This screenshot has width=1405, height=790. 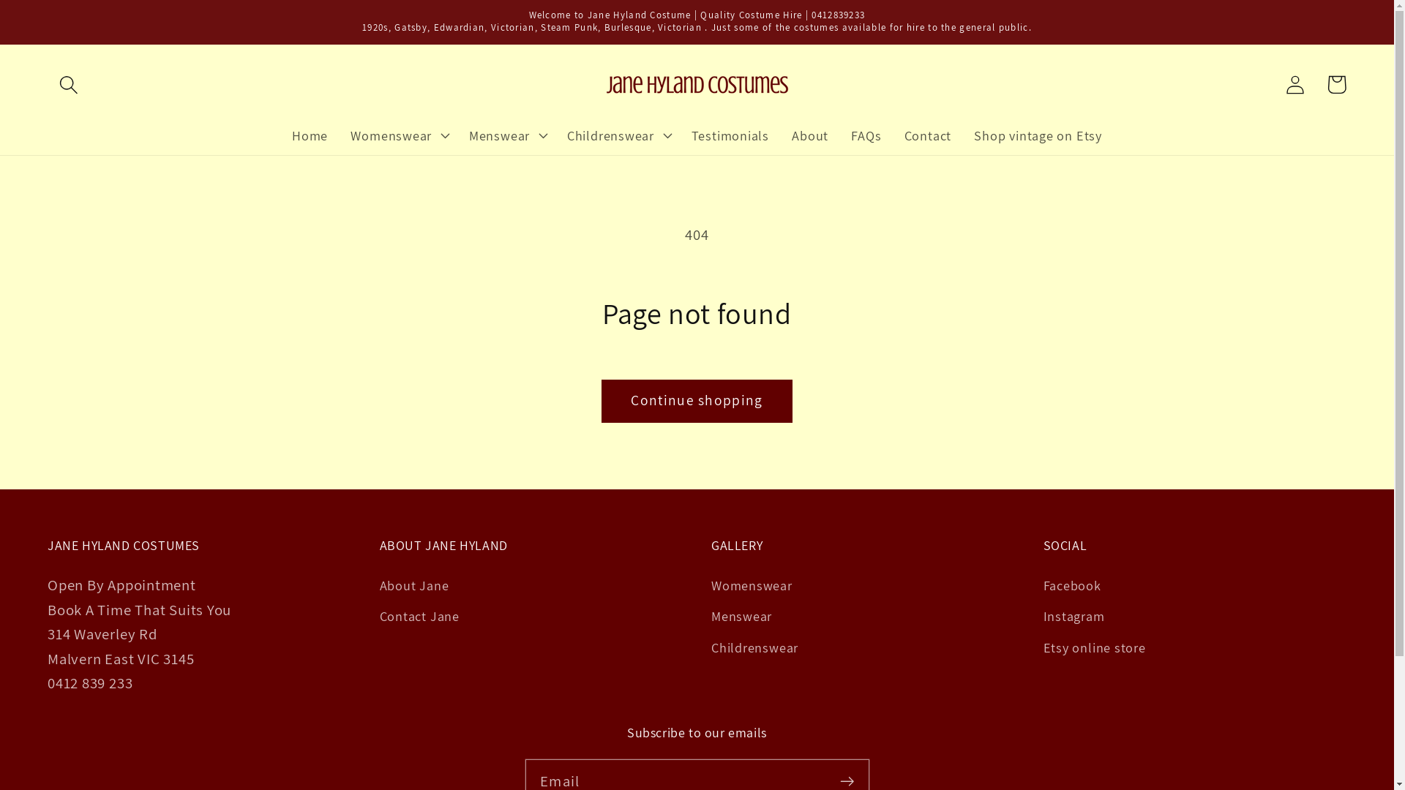 I want to click on 'Childrenswear', so click(x=754, y=646).